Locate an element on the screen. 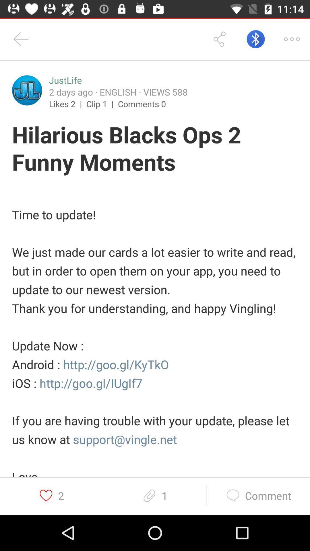  profile is located at coordinates (27, 90).